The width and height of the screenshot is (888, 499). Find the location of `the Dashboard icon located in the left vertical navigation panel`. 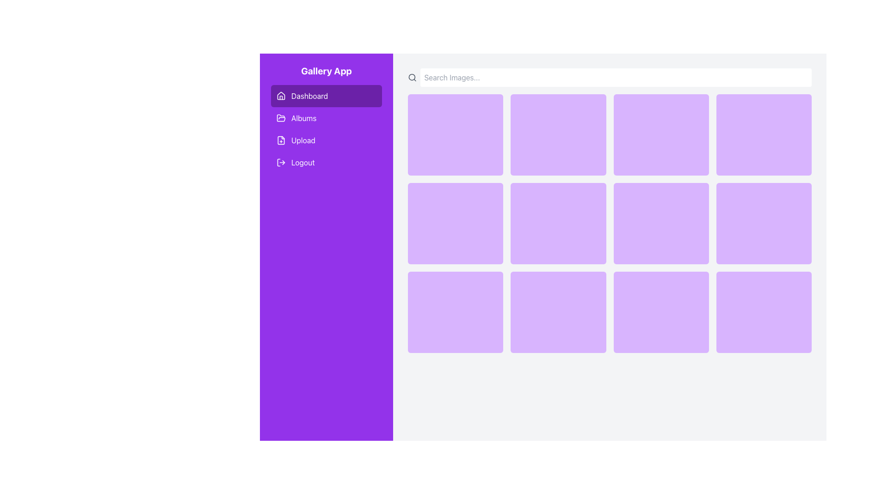

the Dashboard icon located in the left vertical navigation panel is located at coordinates (281, 96).